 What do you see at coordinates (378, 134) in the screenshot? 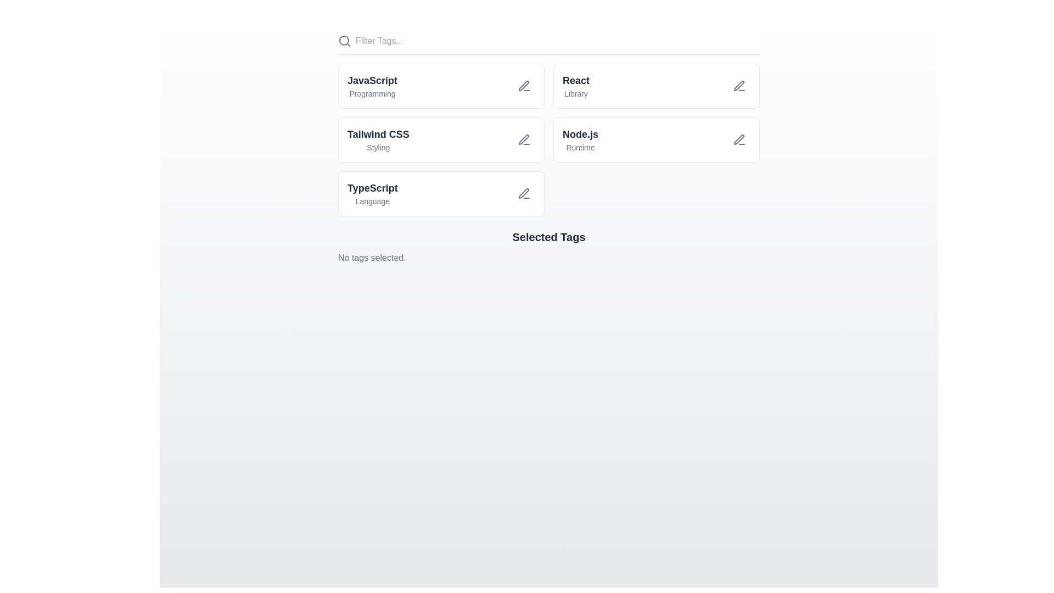
I see `the 'Tailwind CSS' text label for accessibility by moving the cursor to its center point` at bounding box center [378, 134].